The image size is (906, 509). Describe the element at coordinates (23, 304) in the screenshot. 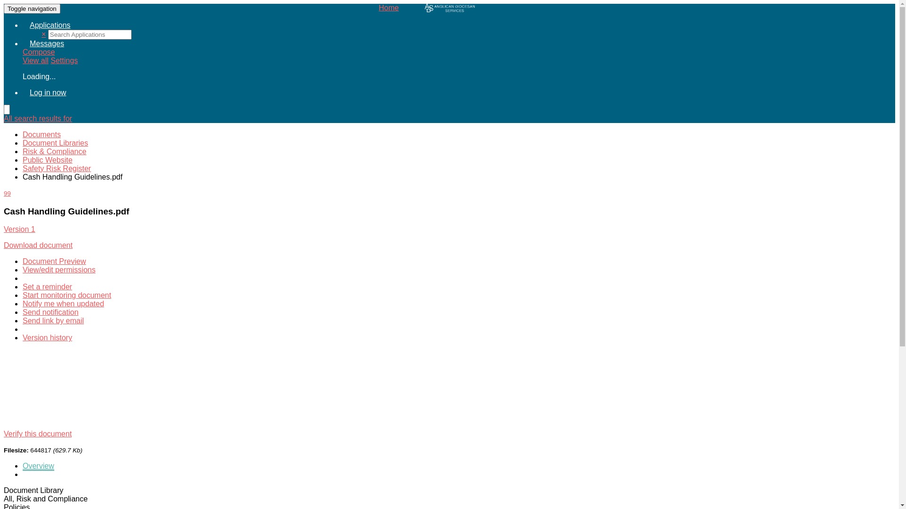

I see `'Notify me when updated'` at that location.